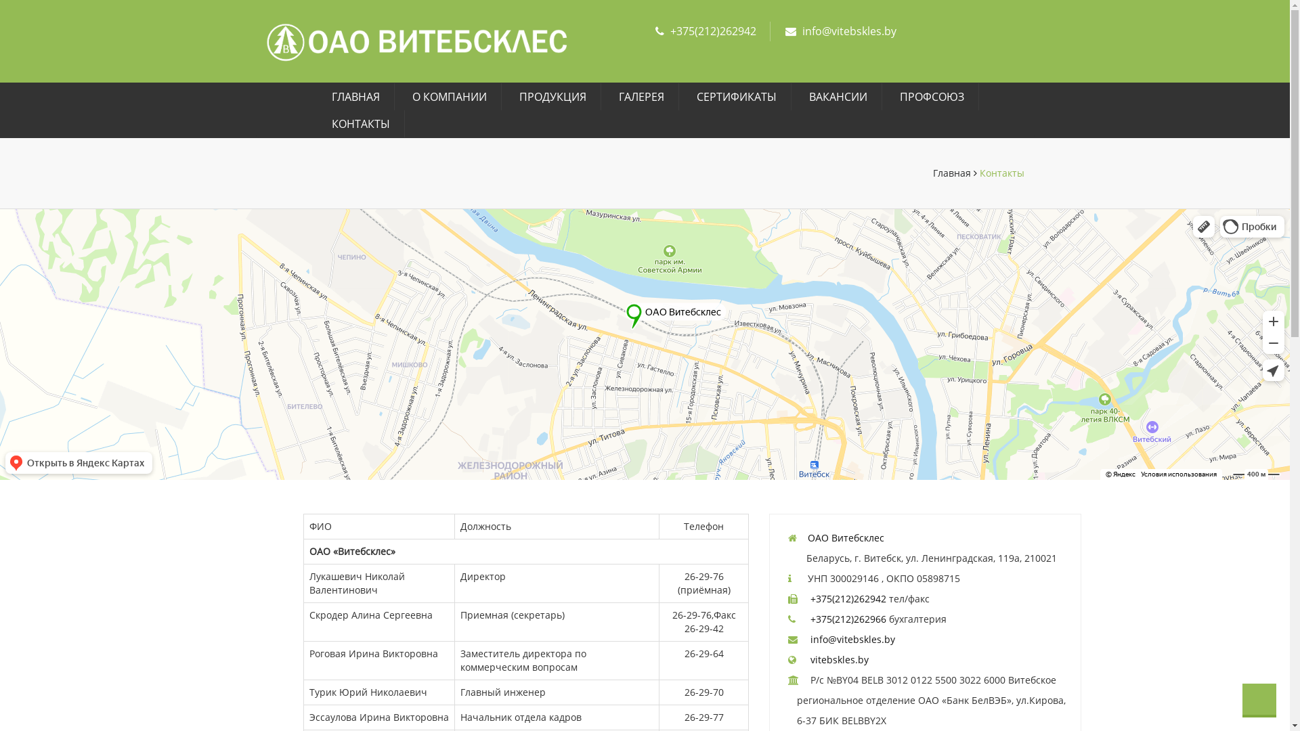  What do you see at coordinates (847, 598) in the screenshot?
I see `'+375(212)262942'` at bounding box center [847, 598].